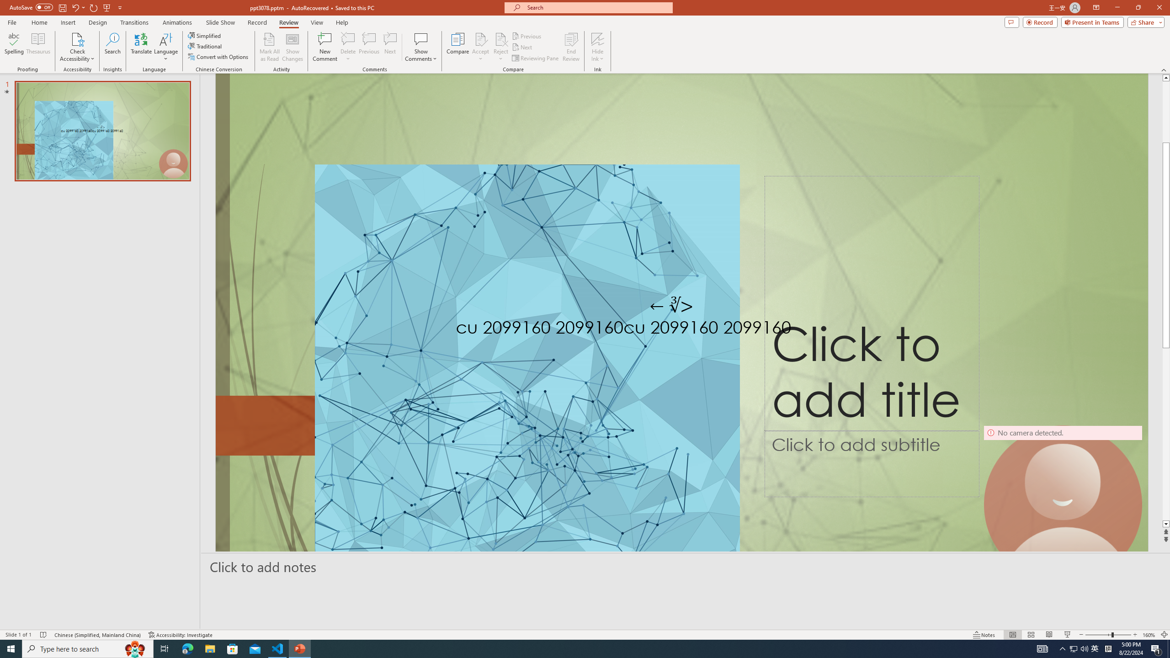  I want to click on 'Accessibility Checker Accessibility: Investigate', so click(181, 635).